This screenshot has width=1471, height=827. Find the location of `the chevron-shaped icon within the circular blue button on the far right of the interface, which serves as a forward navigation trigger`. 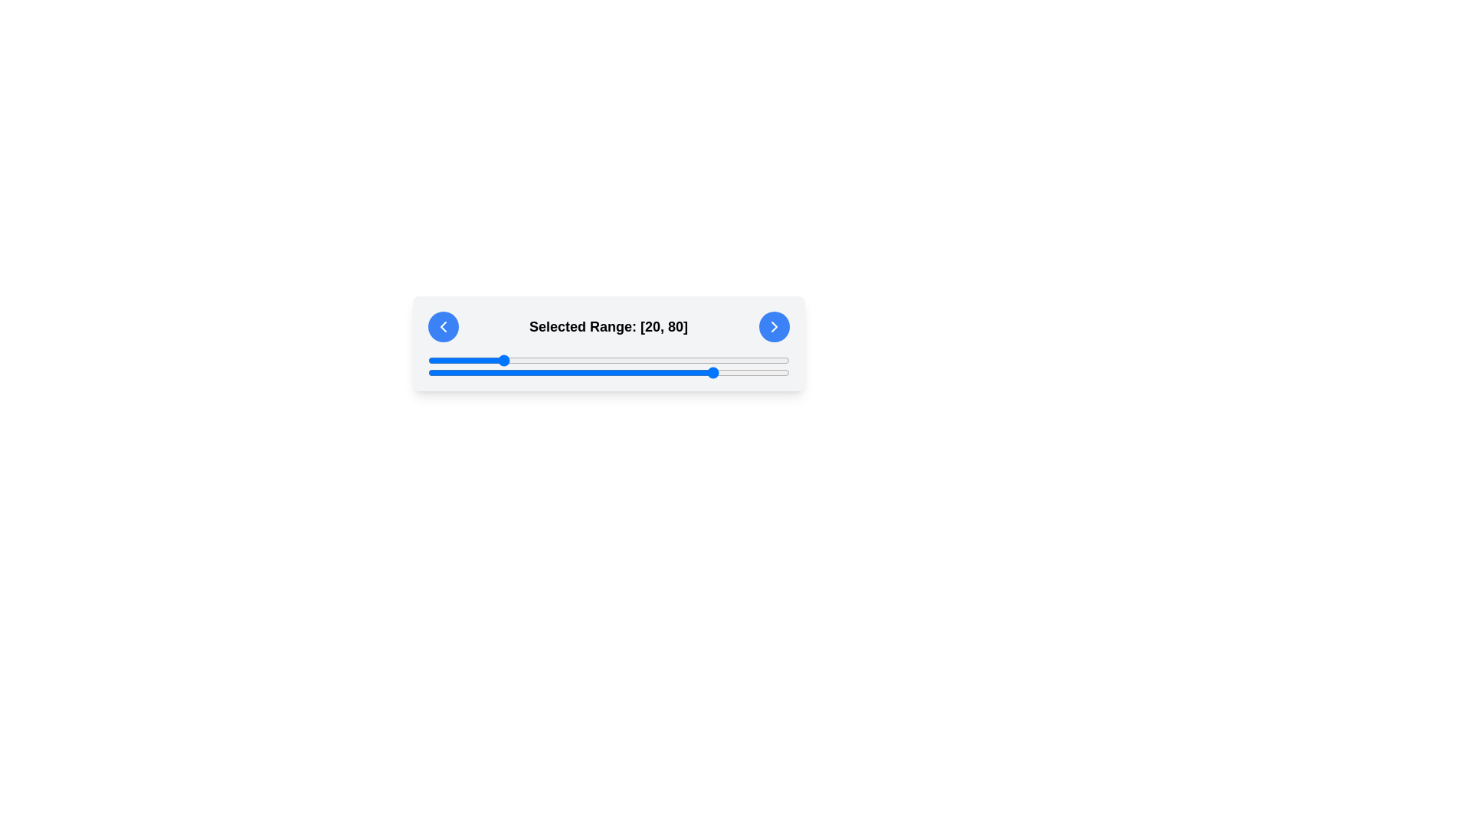

the chevron-shaped icon within the circular blue button on the far right of the interface, which serves as a forward navigation trigger is located at coordinates (774, 326).